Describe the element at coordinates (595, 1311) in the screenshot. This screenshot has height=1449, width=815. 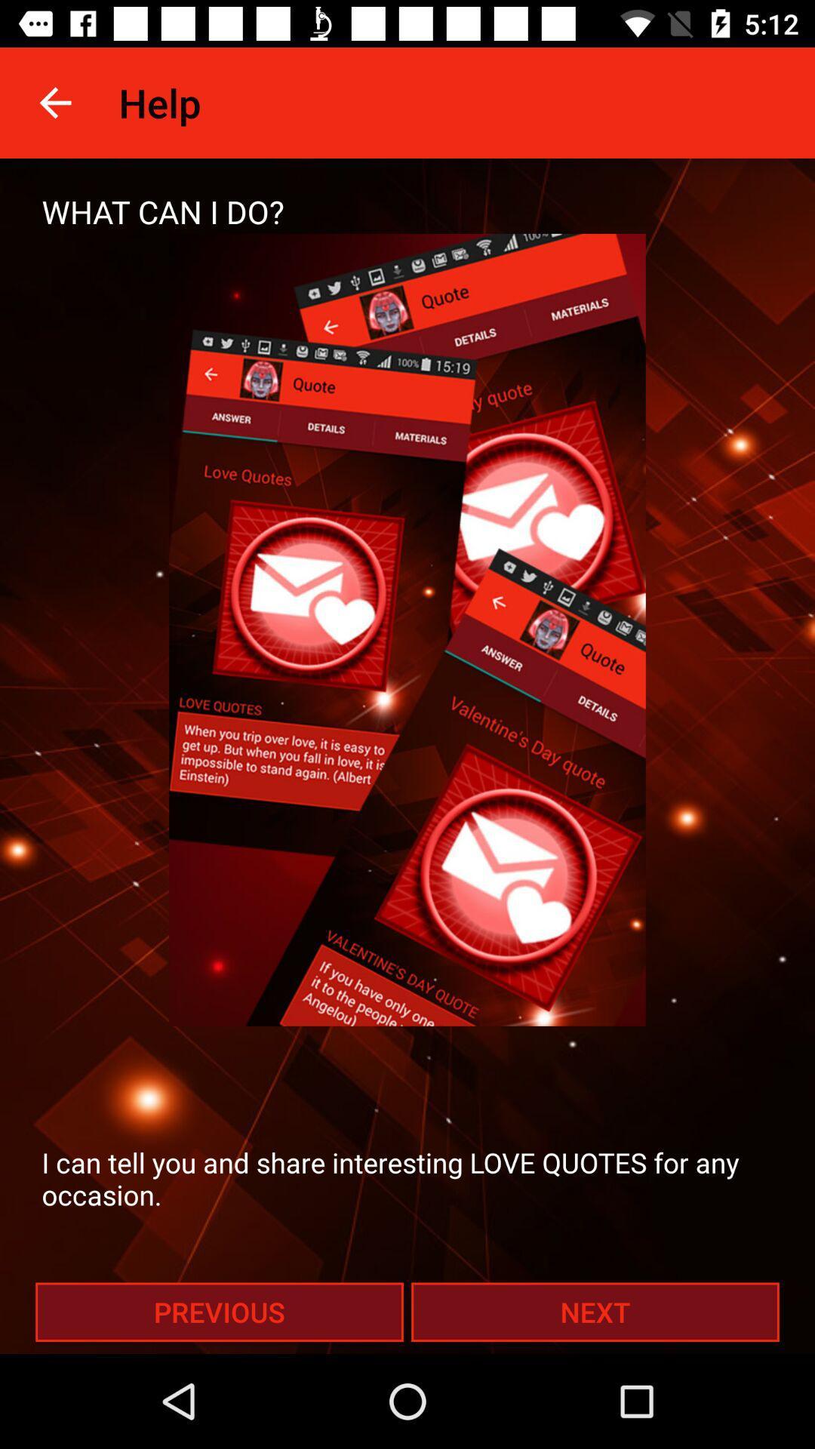
I see `the item to the right of previous item` at that location.